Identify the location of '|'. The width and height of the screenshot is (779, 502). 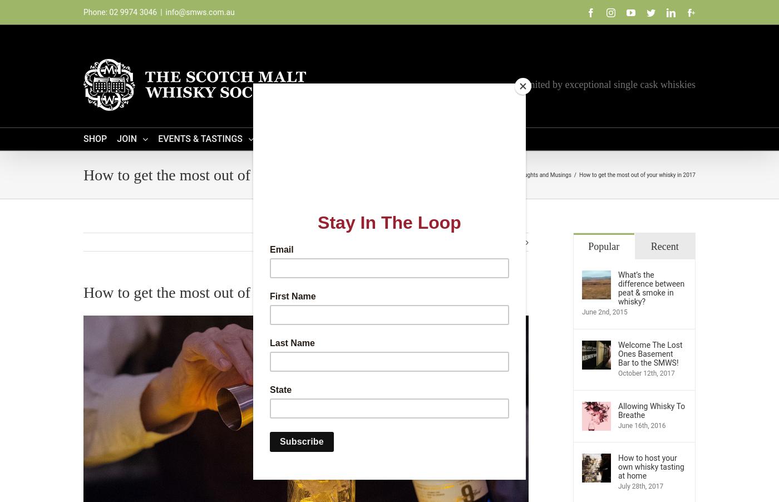
(160, 12).